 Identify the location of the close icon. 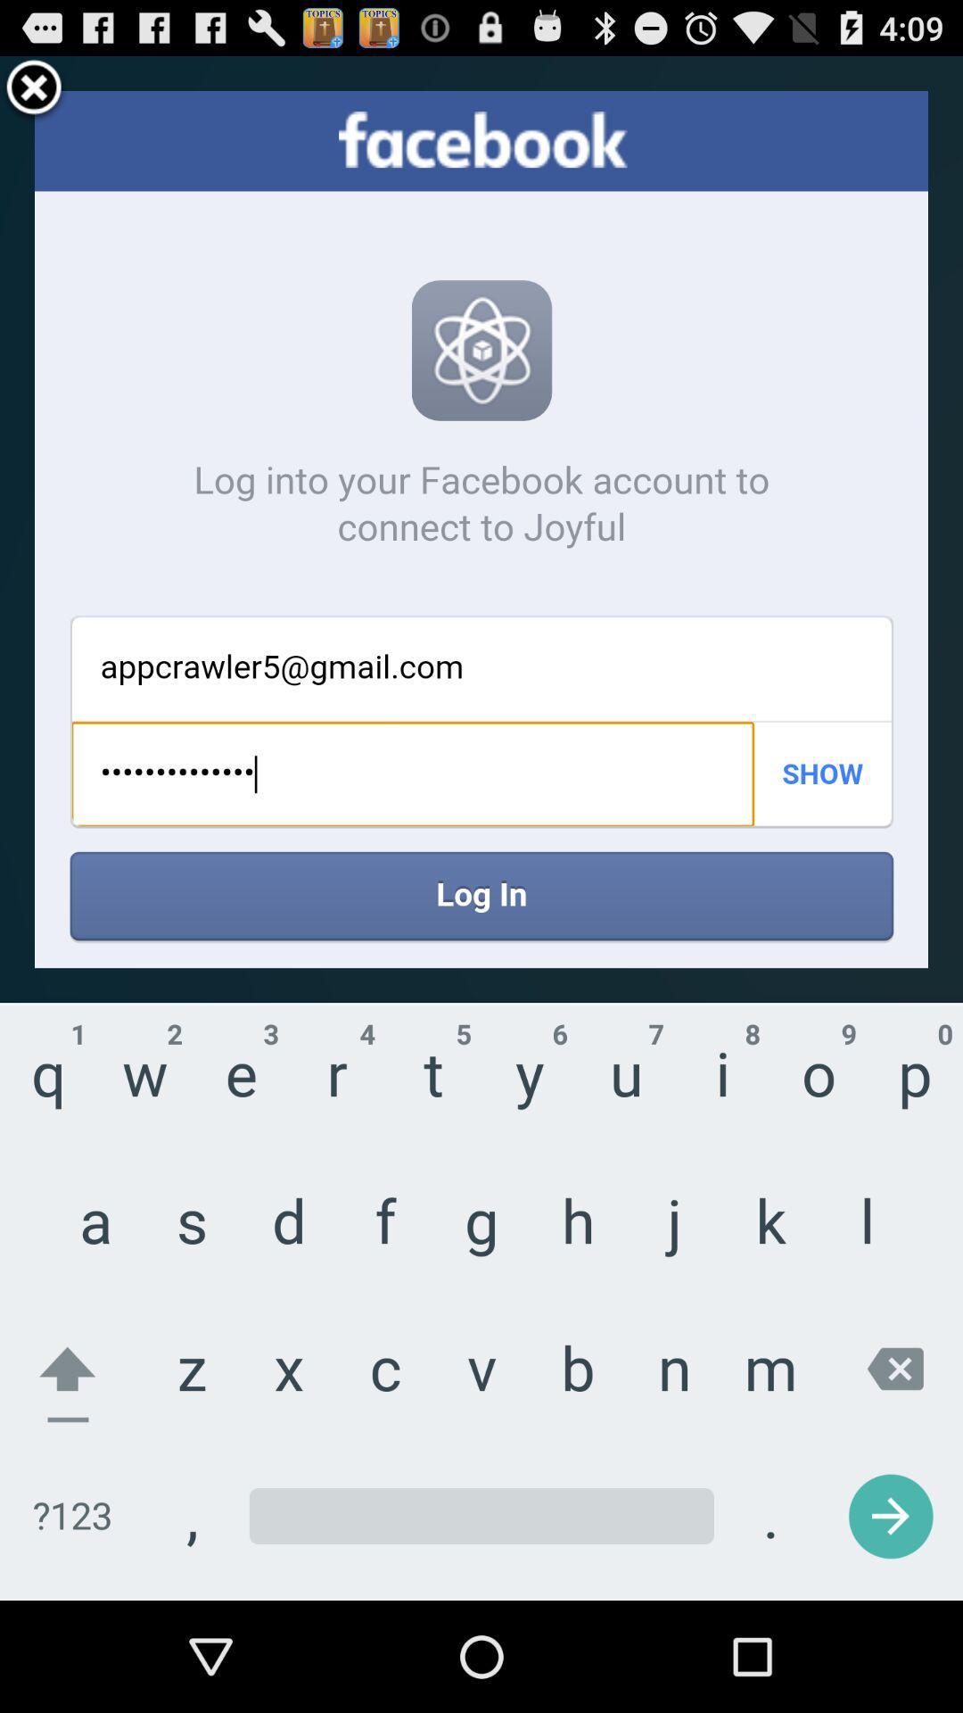
(34, 95).